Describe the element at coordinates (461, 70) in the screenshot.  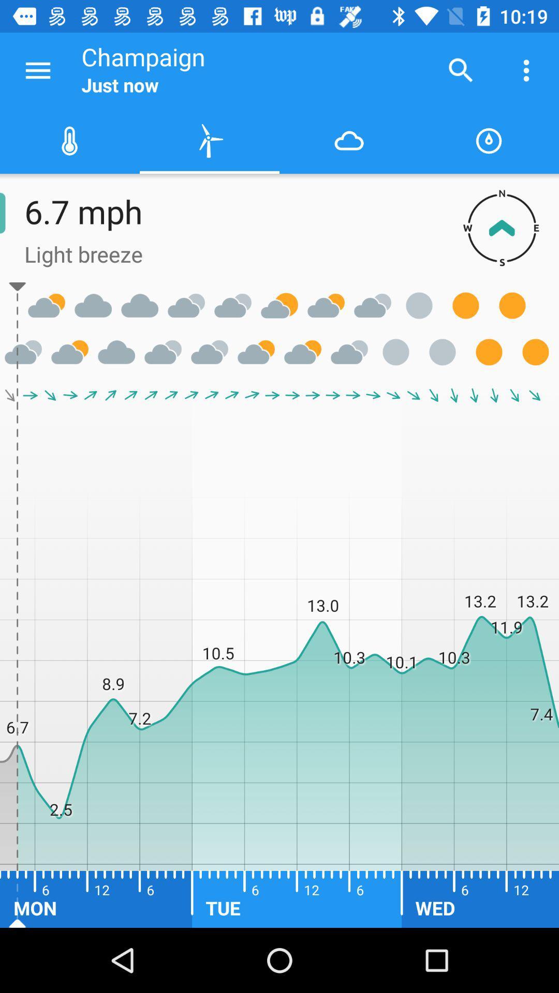
I see `the icon to the right of champaign` at that location.